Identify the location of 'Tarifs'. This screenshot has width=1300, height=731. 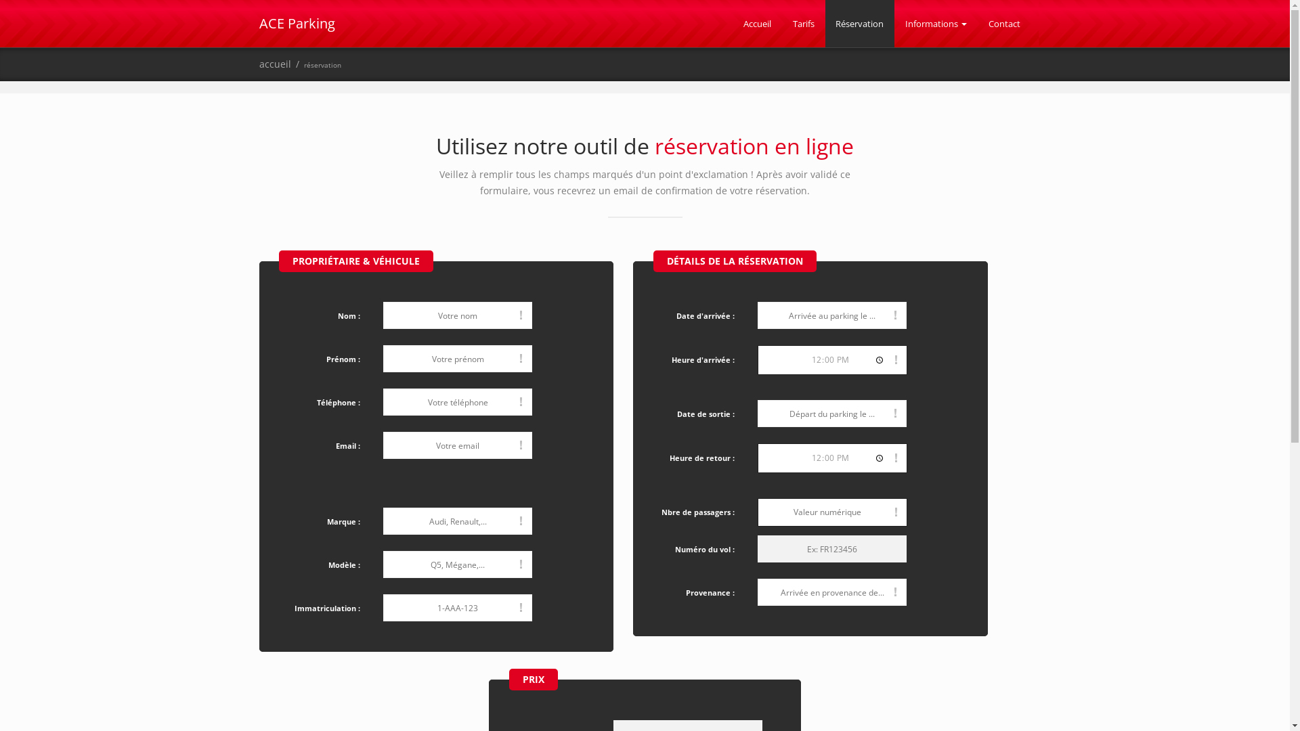
(803, 23).